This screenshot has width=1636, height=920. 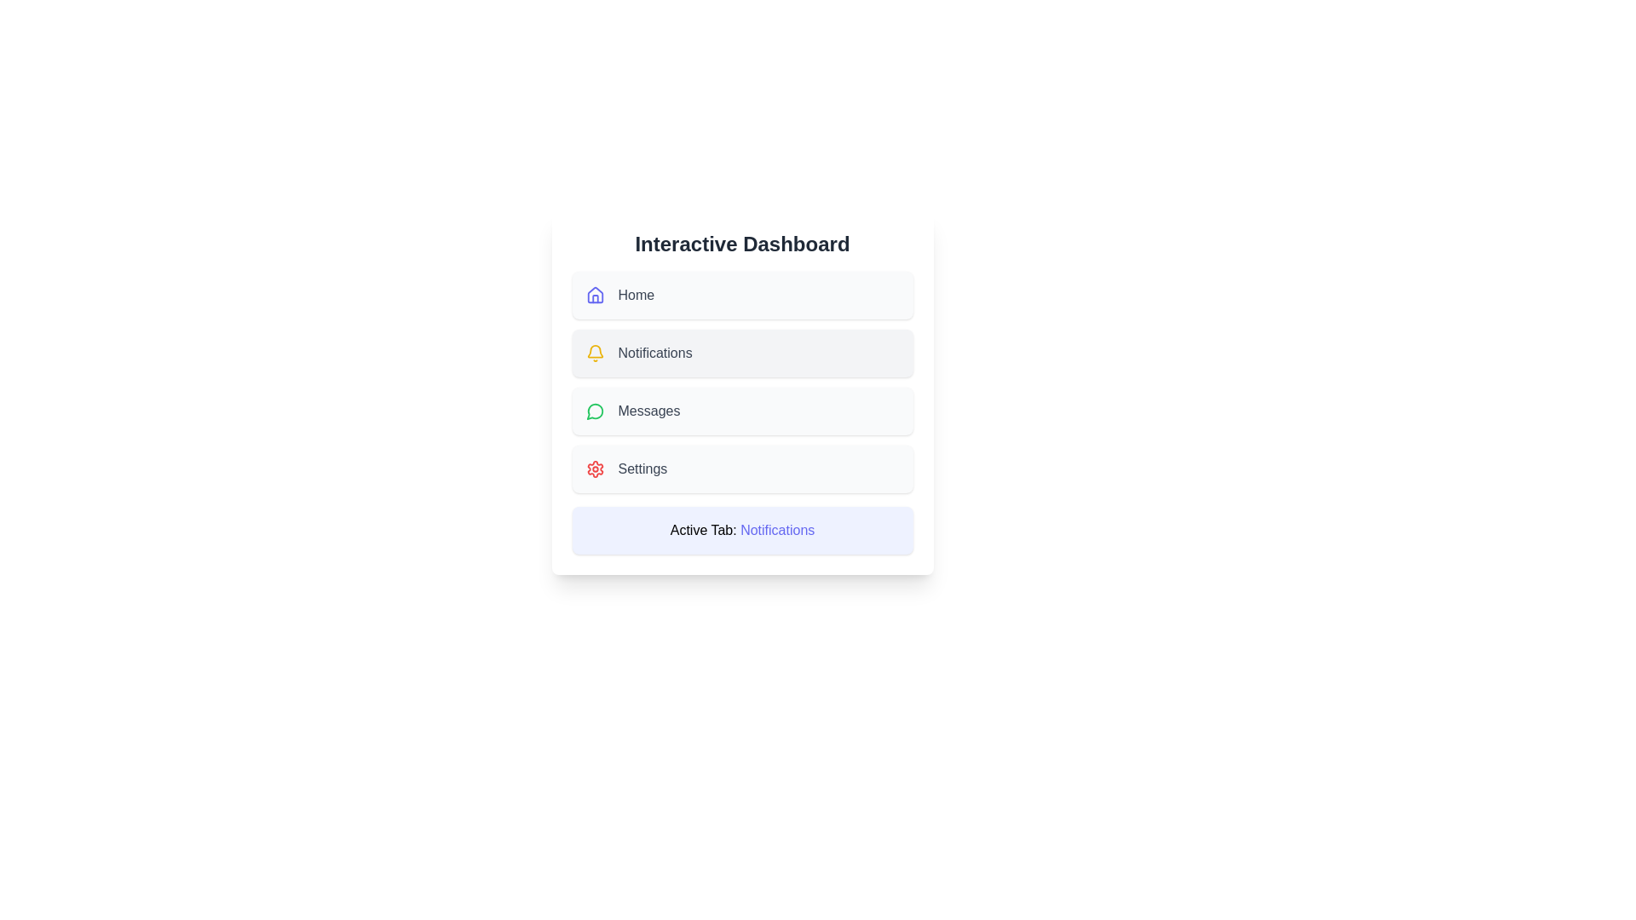 I want to click on the button corresponding to Settings to select it, so click(x=742, y=469).